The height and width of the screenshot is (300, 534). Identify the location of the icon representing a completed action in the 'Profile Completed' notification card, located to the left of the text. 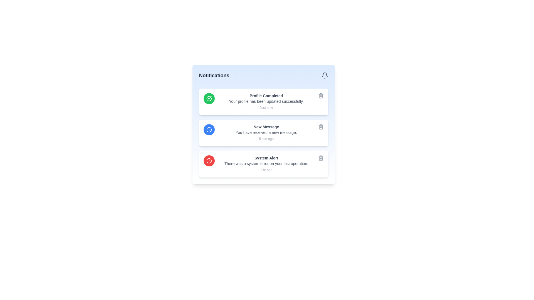
(209, 98).